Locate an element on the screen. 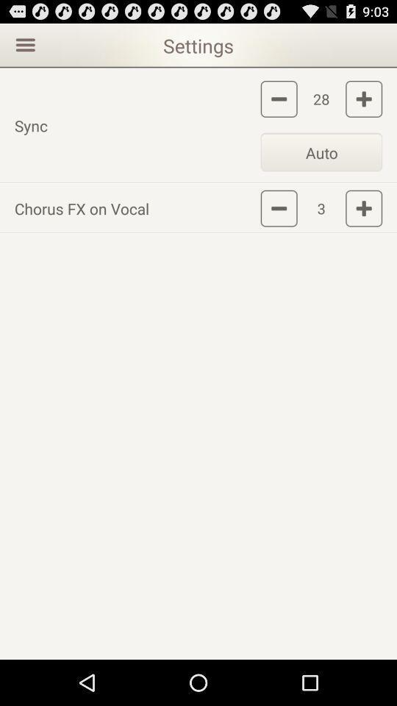 The width and height of the screenshot is (397, 706). decrease intensity is located at coordinates (279, 207).